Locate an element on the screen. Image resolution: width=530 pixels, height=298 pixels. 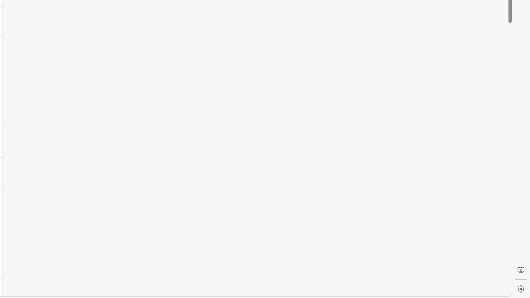
'Settings' is located at coordinates (520, 288).